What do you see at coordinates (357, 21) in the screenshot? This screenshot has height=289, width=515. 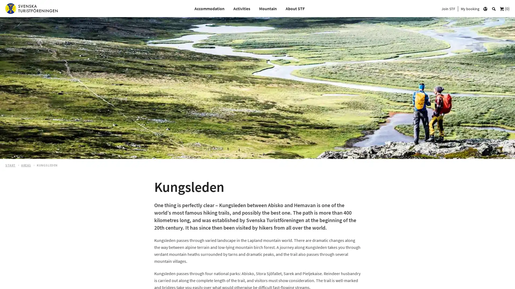 I see `s` at bounding box center [357, 21].